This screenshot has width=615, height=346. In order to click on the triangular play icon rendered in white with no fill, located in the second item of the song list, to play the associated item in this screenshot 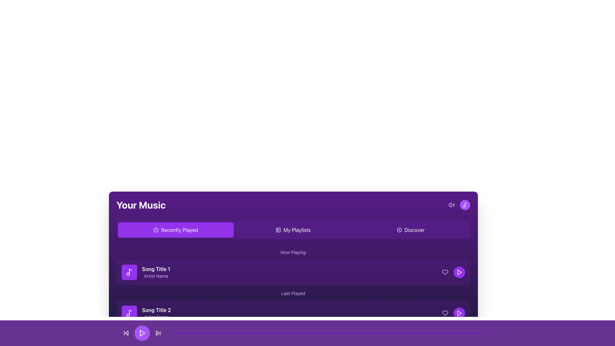, I will do `click(459, 272)`.